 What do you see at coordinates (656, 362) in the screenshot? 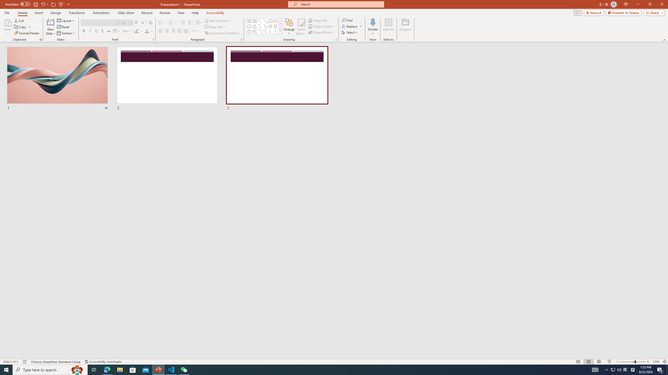
I see `'Zoom 120%'` at bounding box center [656, 362].